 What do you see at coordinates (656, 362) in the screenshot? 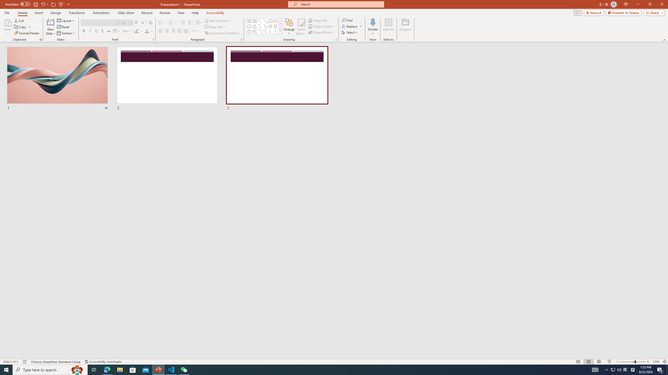
I see `'Zoom 120%'` at bounding box center [656, 362].